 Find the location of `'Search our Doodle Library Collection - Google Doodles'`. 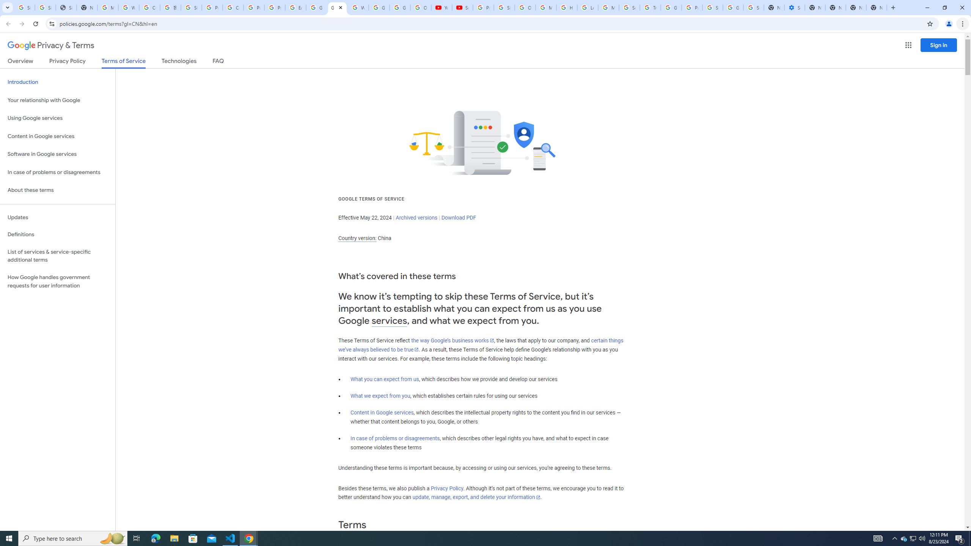

'Search our Doodle Library Collection - Google Doodles' is located at coordinates (629, 7).